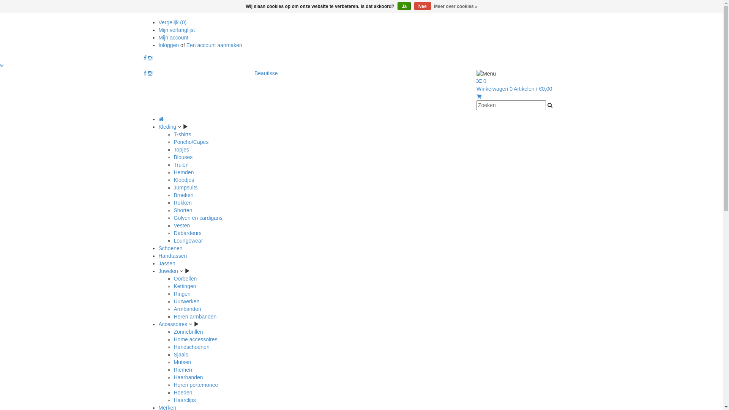 The width and height of the screenshot is (729, 410). Describe the element at coordinates (173, 142) in the screenshot. I see `'Poncho/Capes'` at that location.